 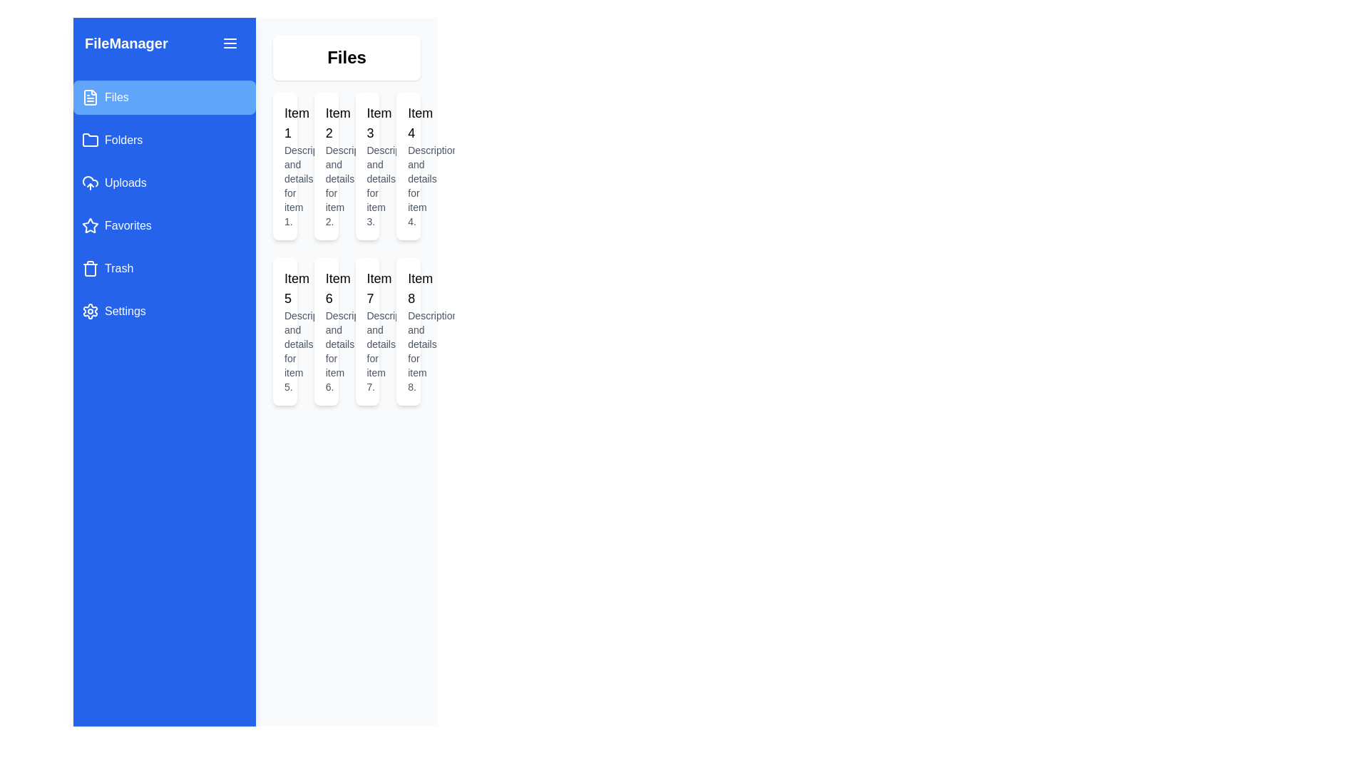 What do you see at coordinates (408, 289) in the screenshot?
I see `the text label that serves as the title for 'Item 8'` at bounding box center [408, 289].